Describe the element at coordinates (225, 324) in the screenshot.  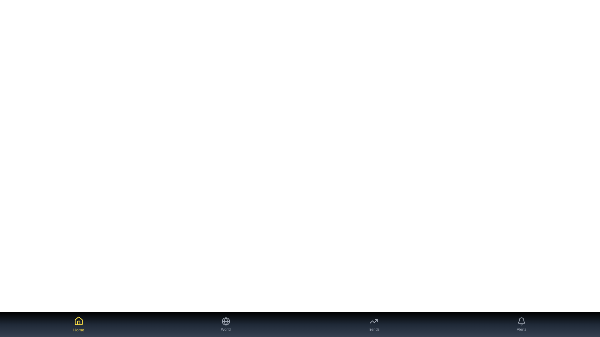
I see `the World tab to inspect its visual feedback` at that location.